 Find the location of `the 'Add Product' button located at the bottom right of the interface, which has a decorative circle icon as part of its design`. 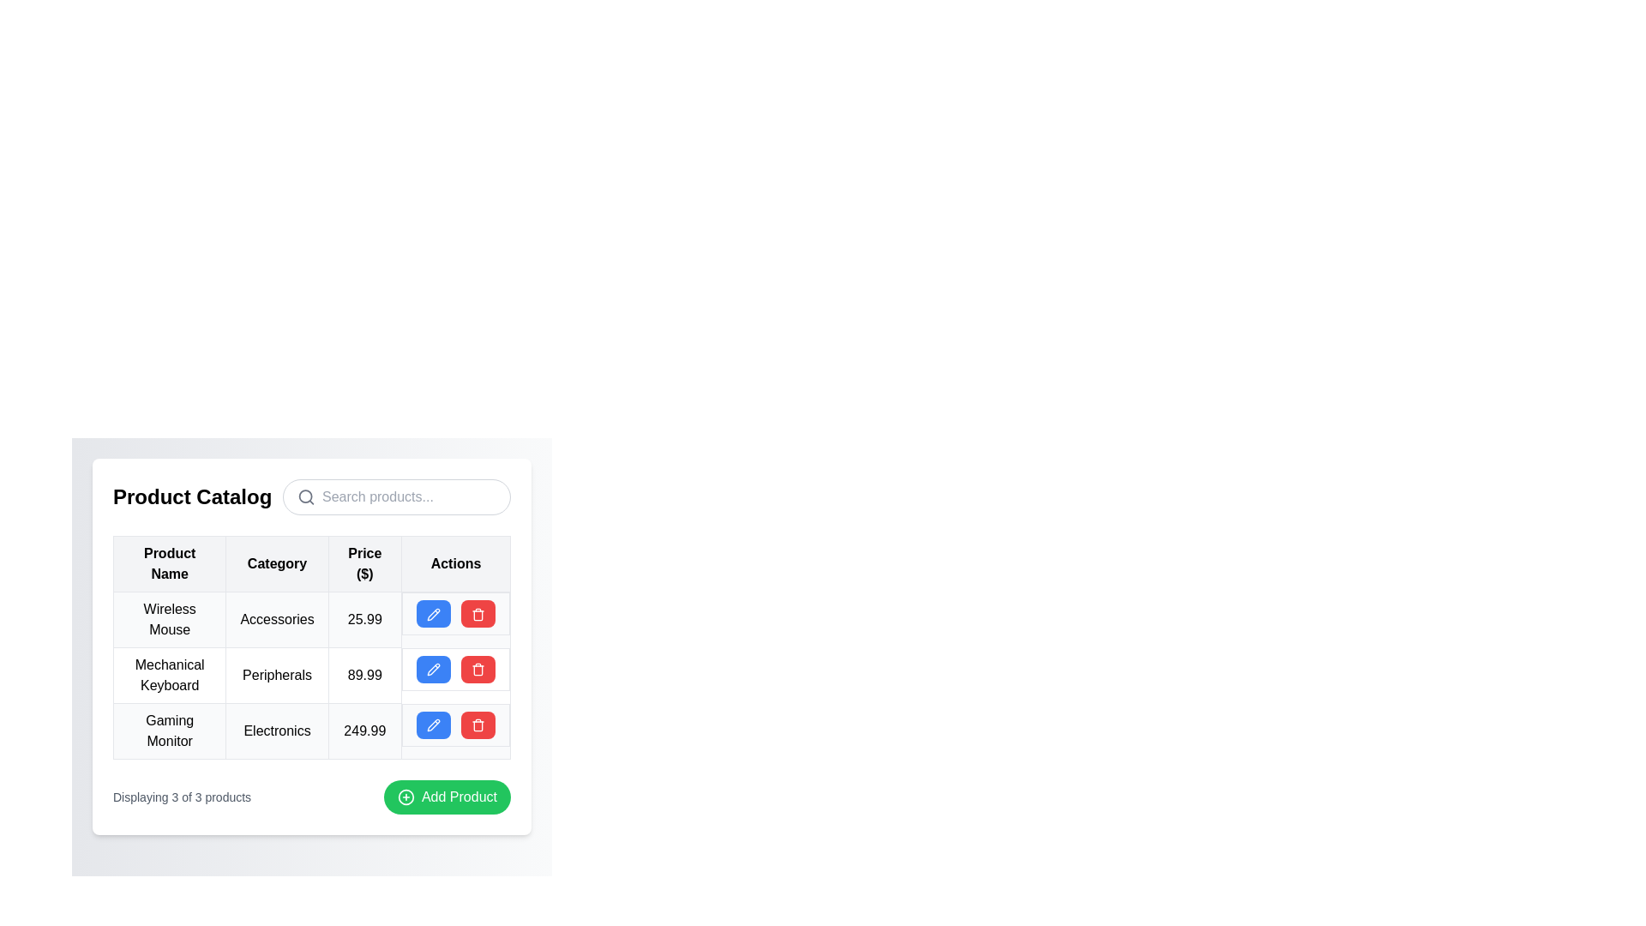

the 'Add Product' button located at the bottom right of the interface, which has a decorative circle icon as part of its design is located at coordinates (405, 797).